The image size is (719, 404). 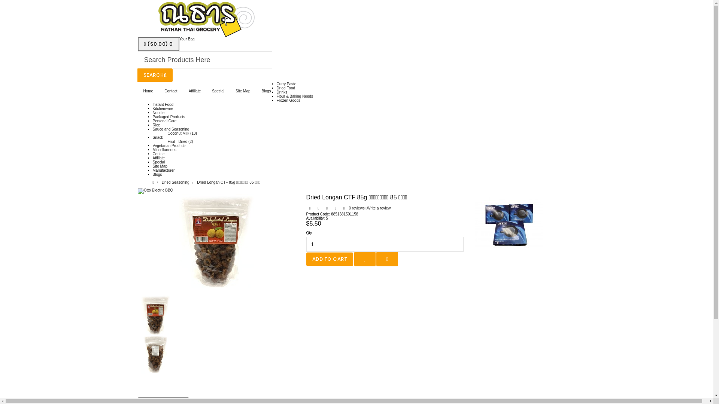 What do you see at coordinates (180, 141) in the screenshot?
I see `'Fruit - Dried (2)'` at bounding box center [180, 141].